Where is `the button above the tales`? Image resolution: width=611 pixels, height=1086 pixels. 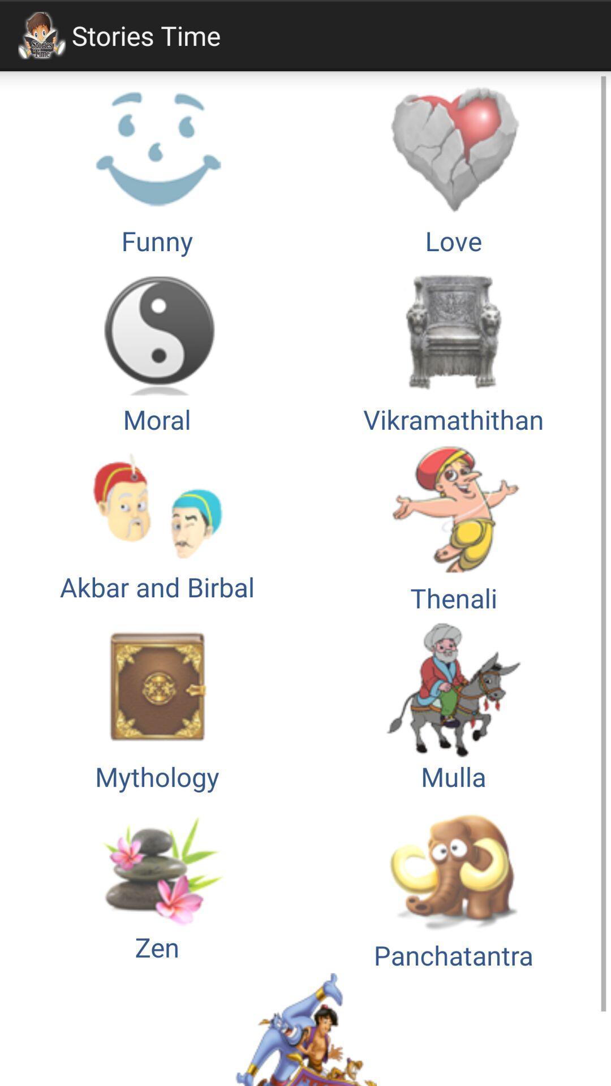 the button above the tales is located at coordinates (453, 883).